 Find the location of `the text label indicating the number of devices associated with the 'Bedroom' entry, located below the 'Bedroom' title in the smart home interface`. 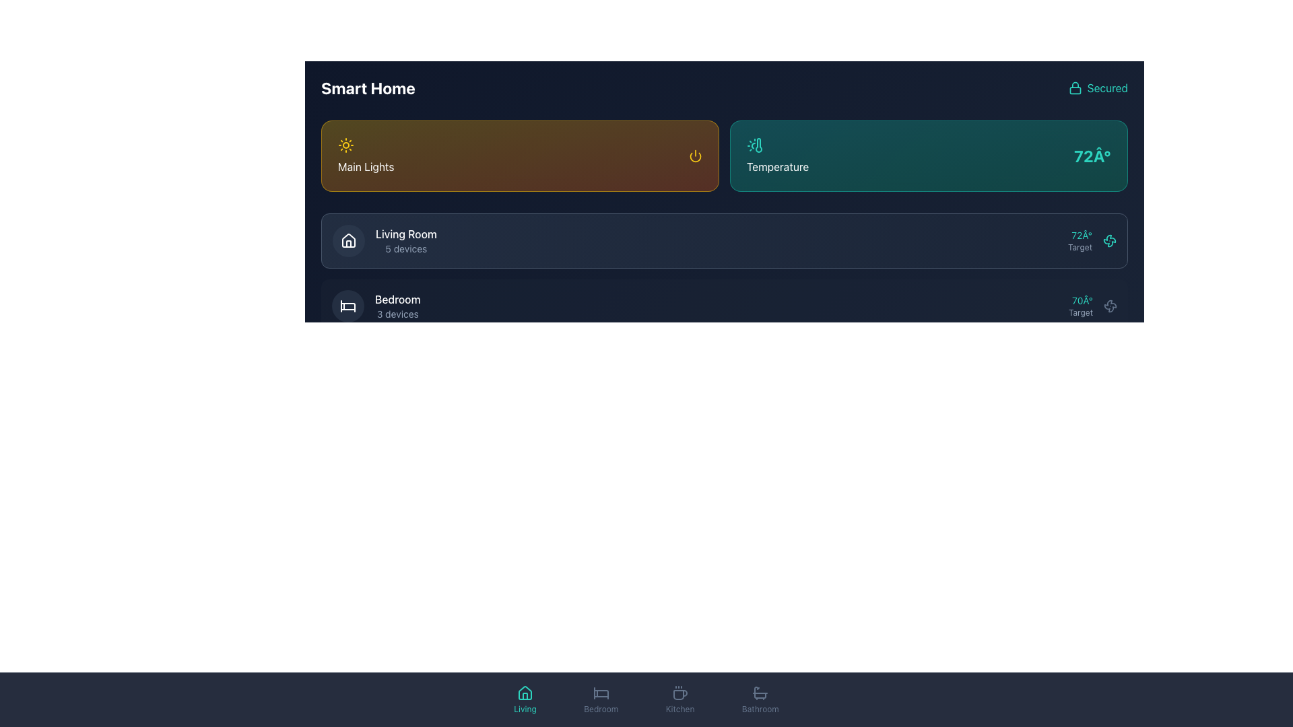

the text label indicating the number of devices associated with the 'Bedroom' entry, located below the 'Bedroom' title in the smart home interface is located at coordinates (397, 314).